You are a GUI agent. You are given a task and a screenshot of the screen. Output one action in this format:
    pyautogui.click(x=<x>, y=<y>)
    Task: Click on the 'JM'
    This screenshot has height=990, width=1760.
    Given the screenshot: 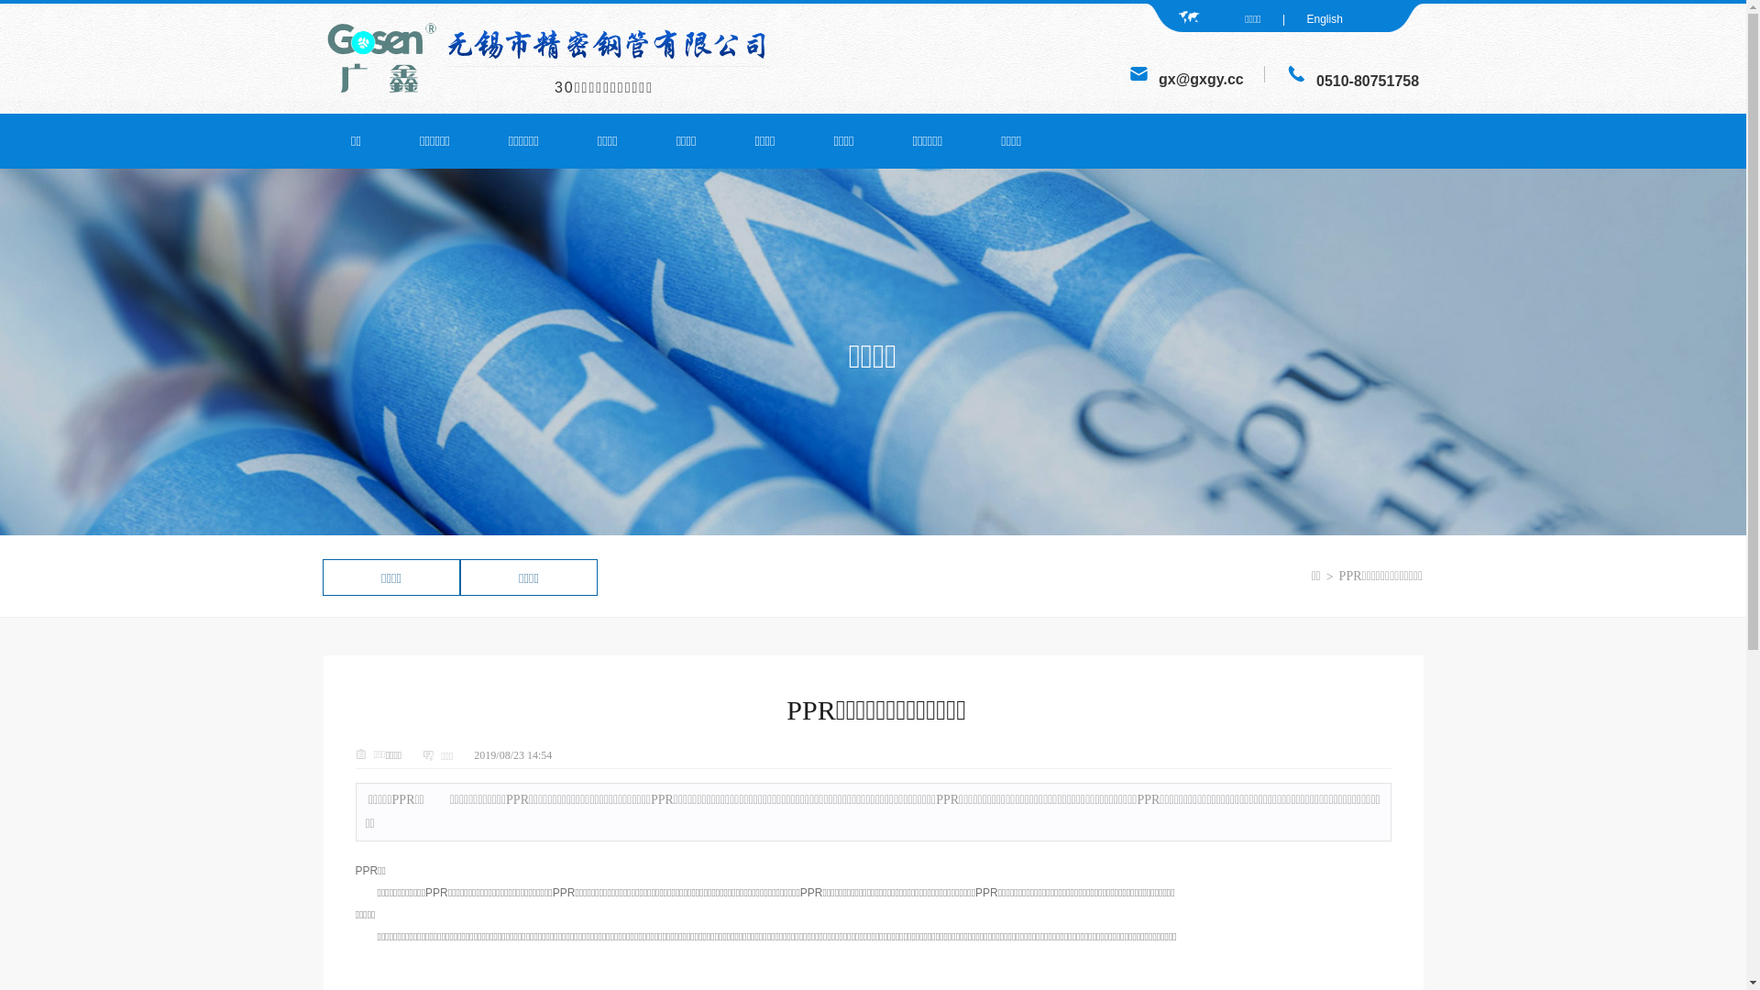 What is the action you would take?
    pyautogui.click(x=379, y=58)
    